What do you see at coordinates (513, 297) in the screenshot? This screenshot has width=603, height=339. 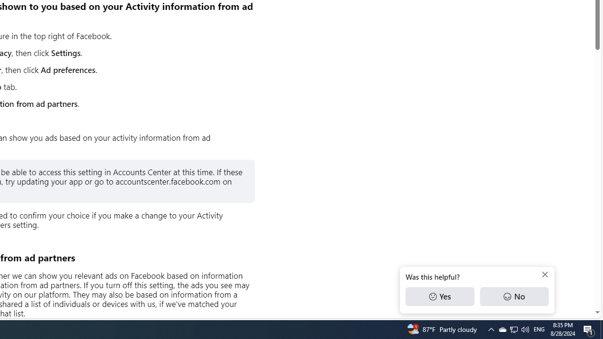 I see `'No'` at bounding box center [513, 297].